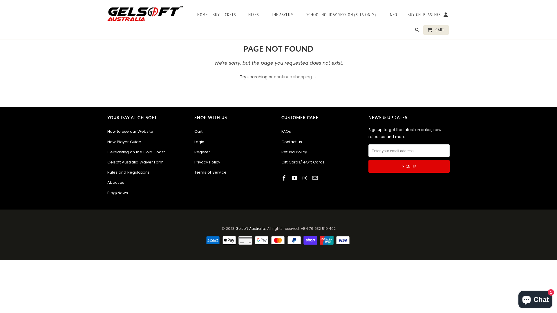 This screenshot has height=313, width=557. Describe the element at coordinates (418, 31) in the screenshot. I see `'Search'` at that location.